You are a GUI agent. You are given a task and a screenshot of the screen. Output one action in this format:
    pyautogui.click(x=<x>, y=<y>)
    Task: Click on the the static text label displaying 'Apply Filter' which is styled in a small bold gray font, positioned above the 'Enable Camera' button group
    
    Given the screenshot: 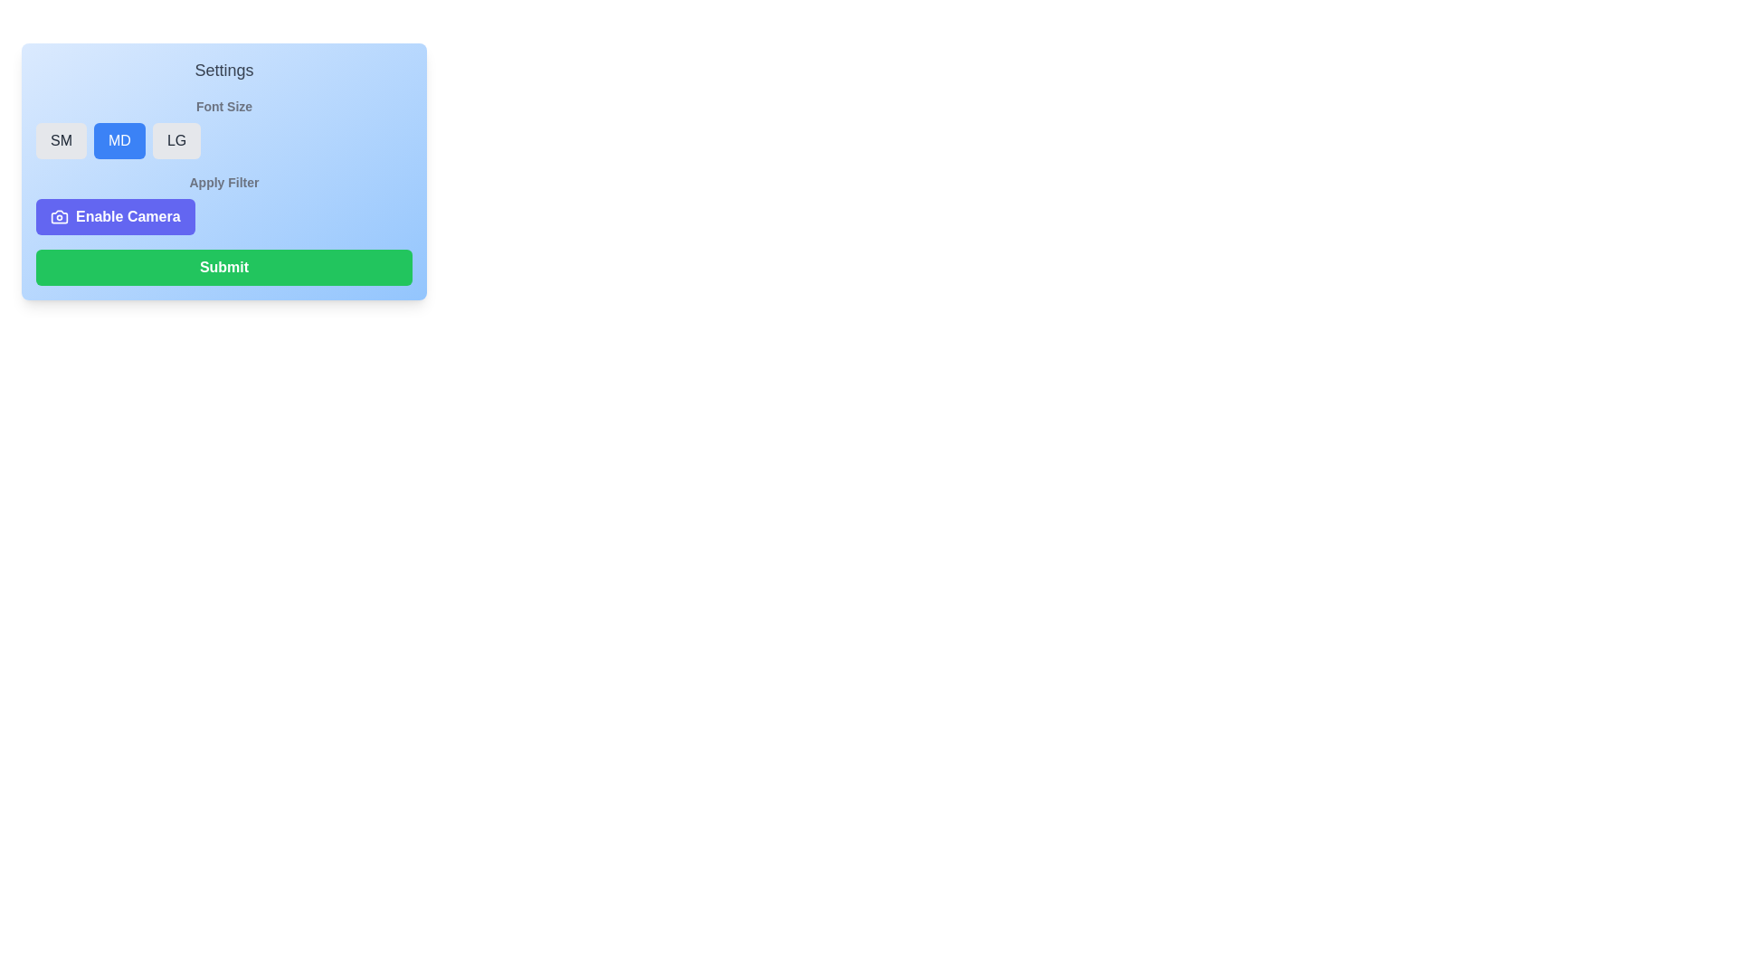 What is the action you would take?
    pyautogui.click(x=223, y=182)
    